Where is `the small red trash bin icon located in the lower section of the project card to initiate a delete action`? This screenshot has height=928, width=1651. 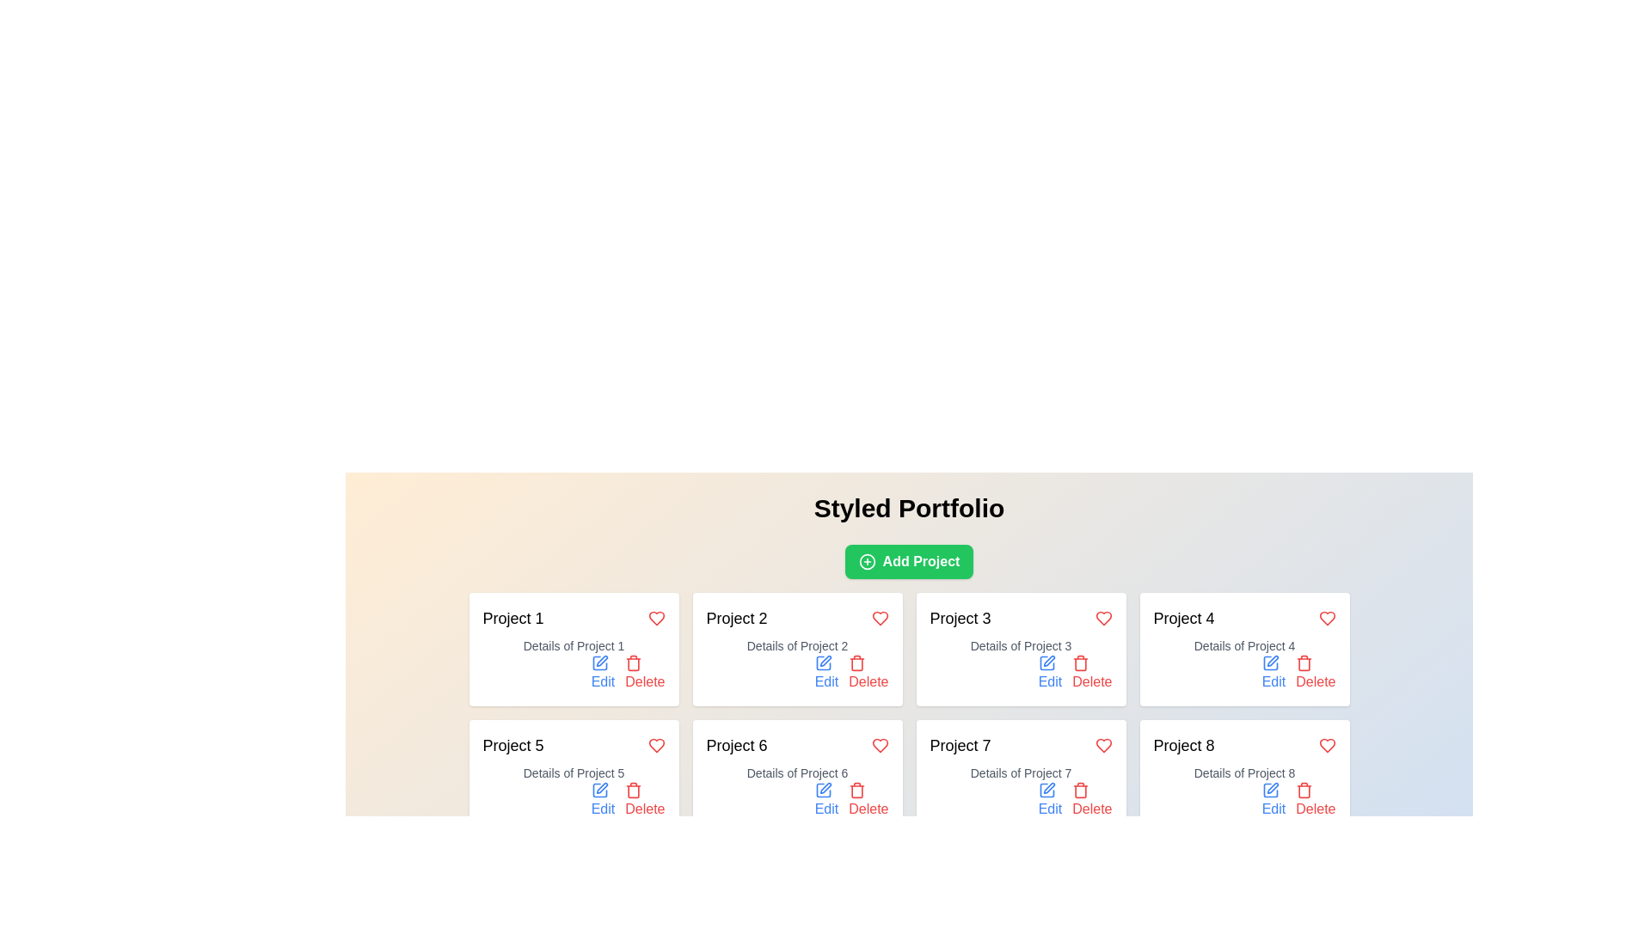
the small red trash bin icon located in the lower section of the project card to initiate a delete action is located at coordinates (633, 662).